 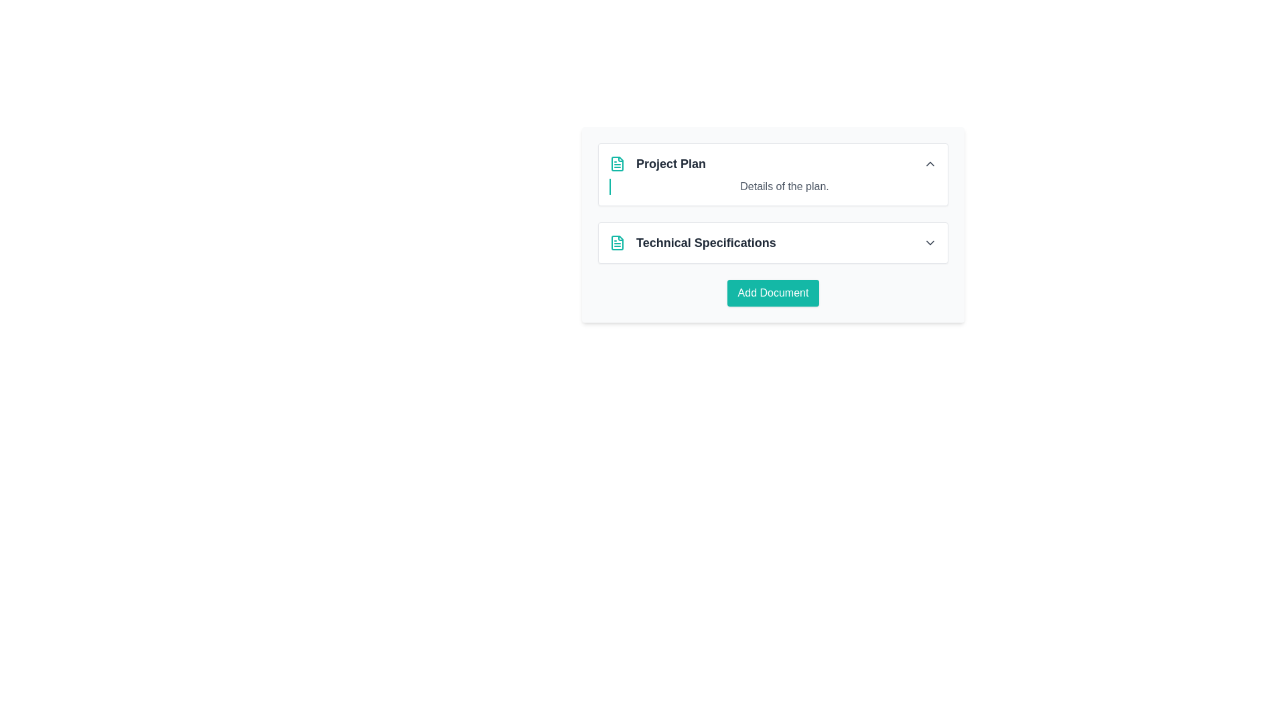 What do you see at coordinates (773, 163) in the screenshot?
I see `the 'Project Plan' collapsible section header for accessibility navigation` at bounding box center [773, 163].